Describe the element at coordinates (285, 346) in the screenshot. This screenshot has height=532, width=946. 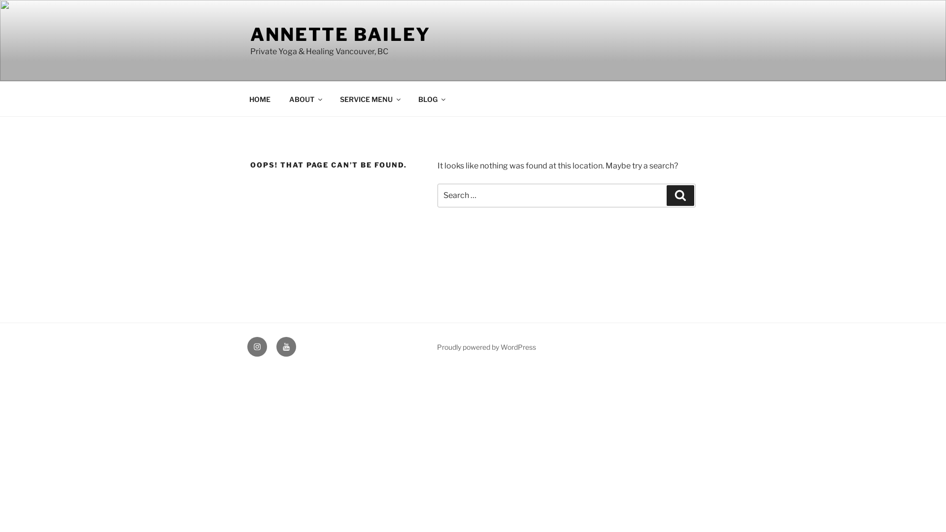
I see `'YouTube'` at that location.